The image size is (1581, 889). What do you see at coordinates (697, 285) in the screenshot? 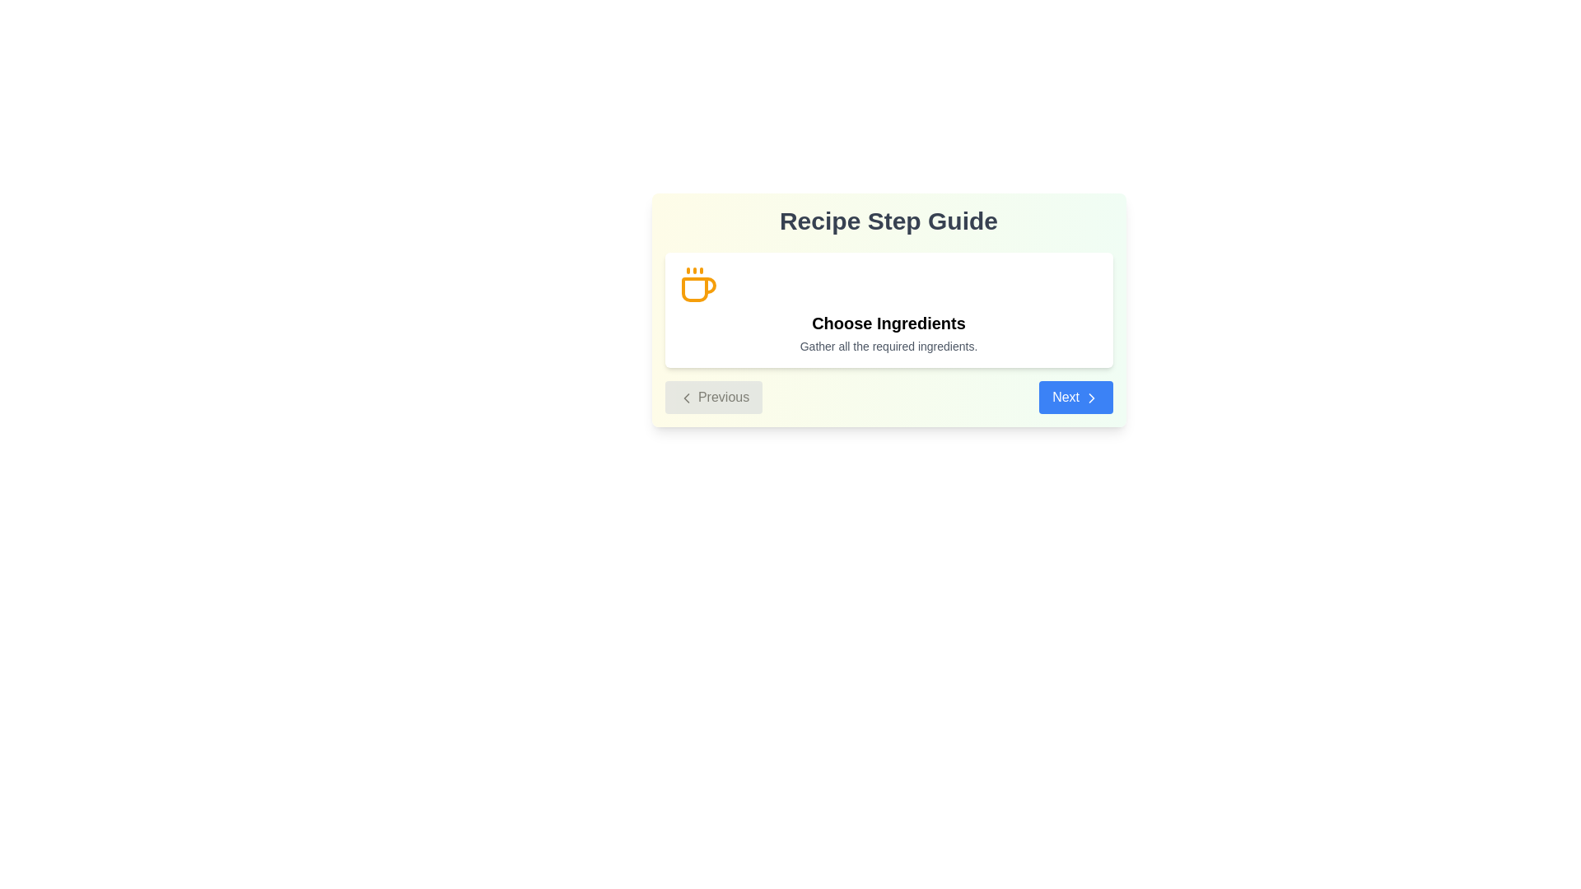
I see `the vibrant amber coffee cup icon located to the left of the text 'Choose Ingredients' in the card component` at bounding box center [697, 285].